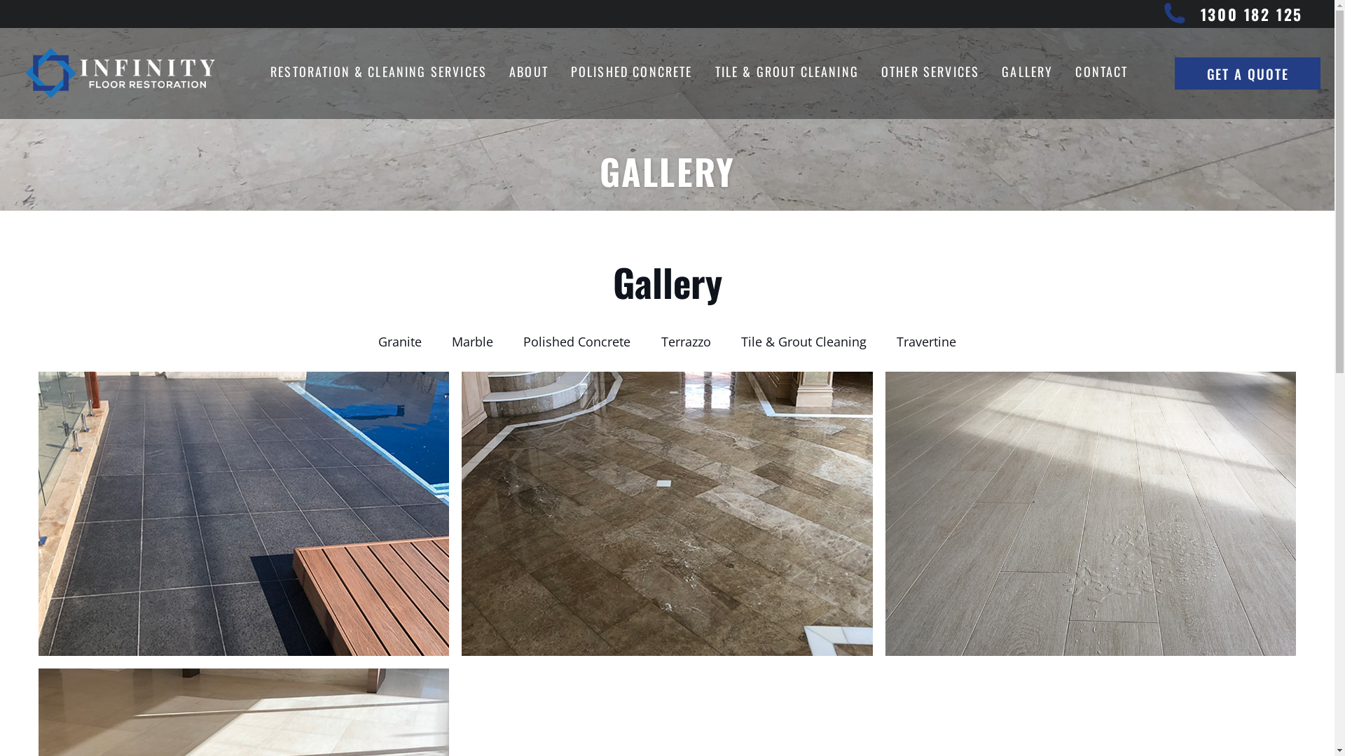 The height and width of the screenshot is (756, 1345). I want to click on 'GET A QUOTE', so click(1247, 73).